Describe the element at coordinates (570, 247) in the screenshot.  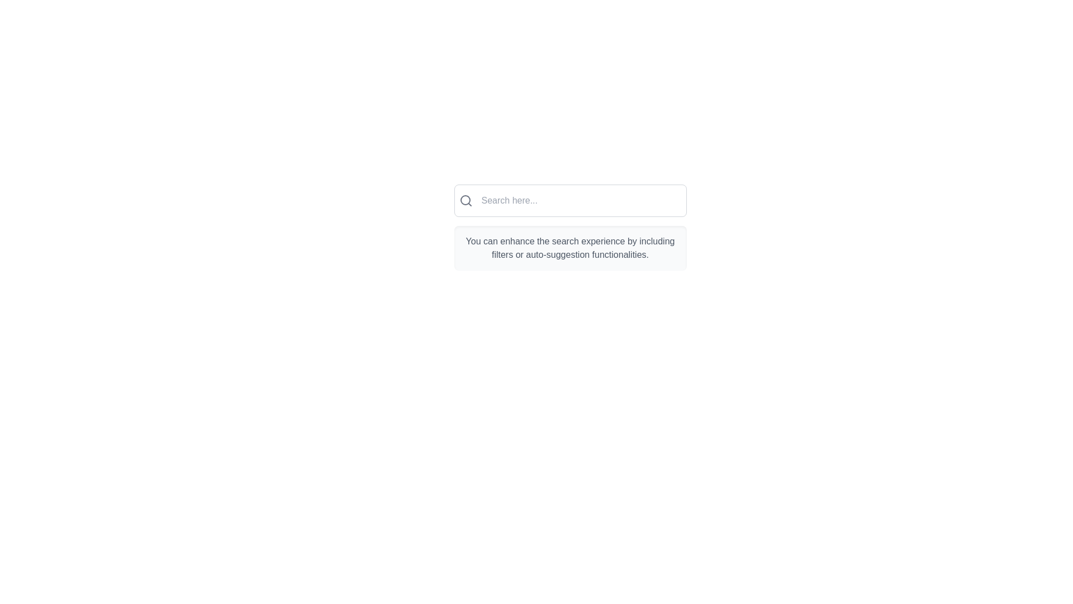
I see `the static informative text below the search bar that communicates enhancements to the search experience` at that location.